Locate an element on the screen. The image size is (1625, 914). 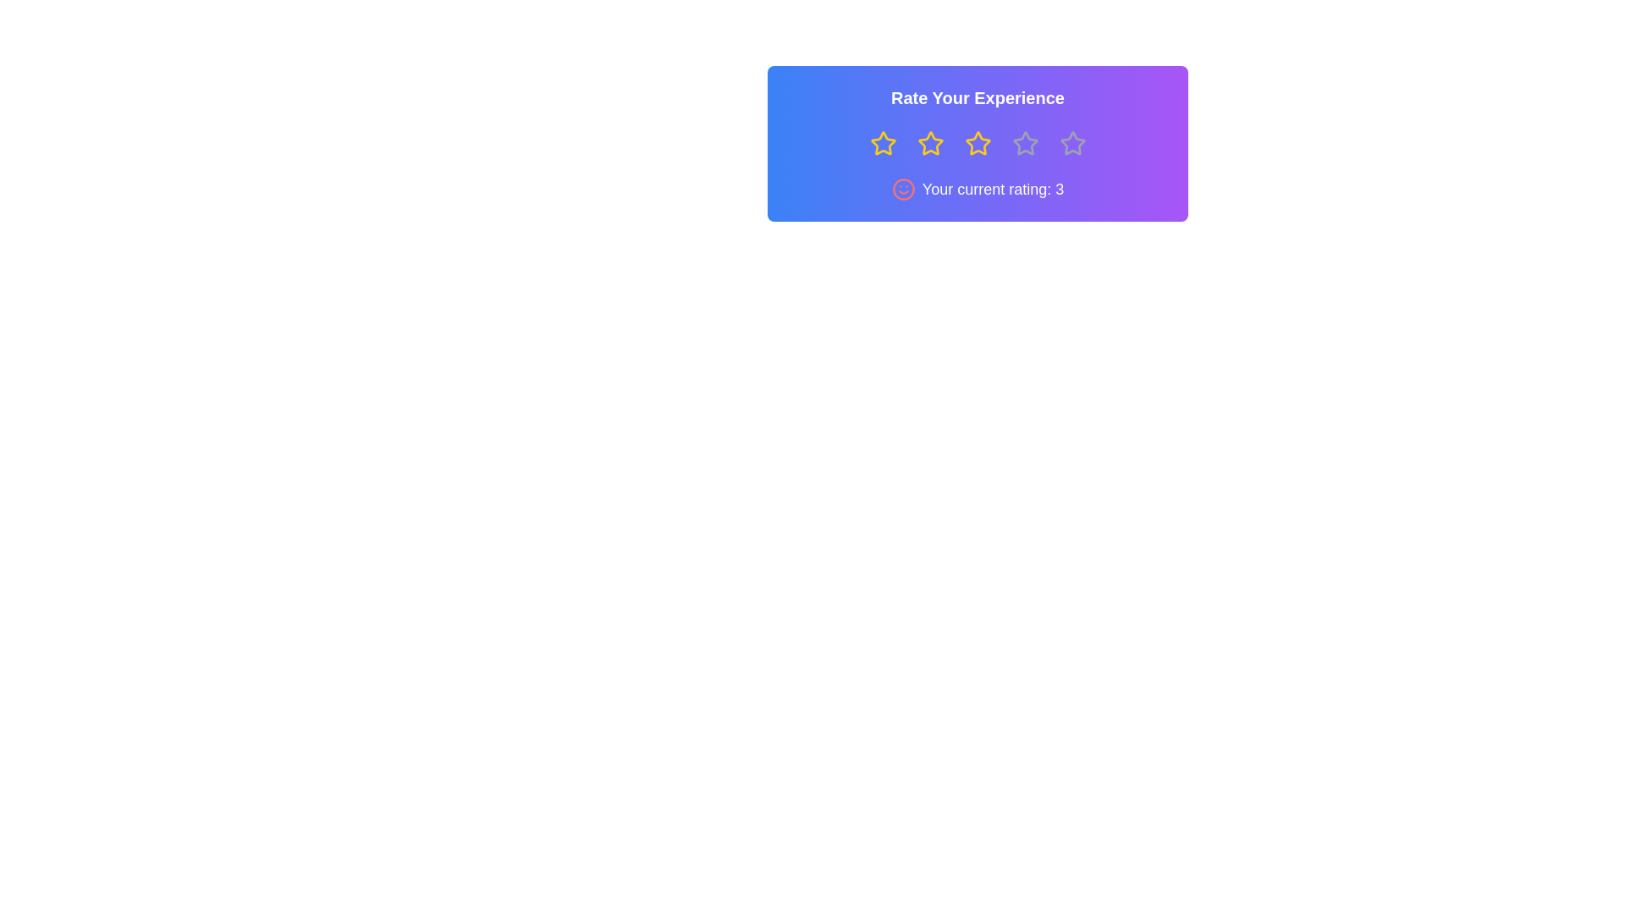
the star representing 5 stars to preview the rating effect is located at coordinates (1071, 142).